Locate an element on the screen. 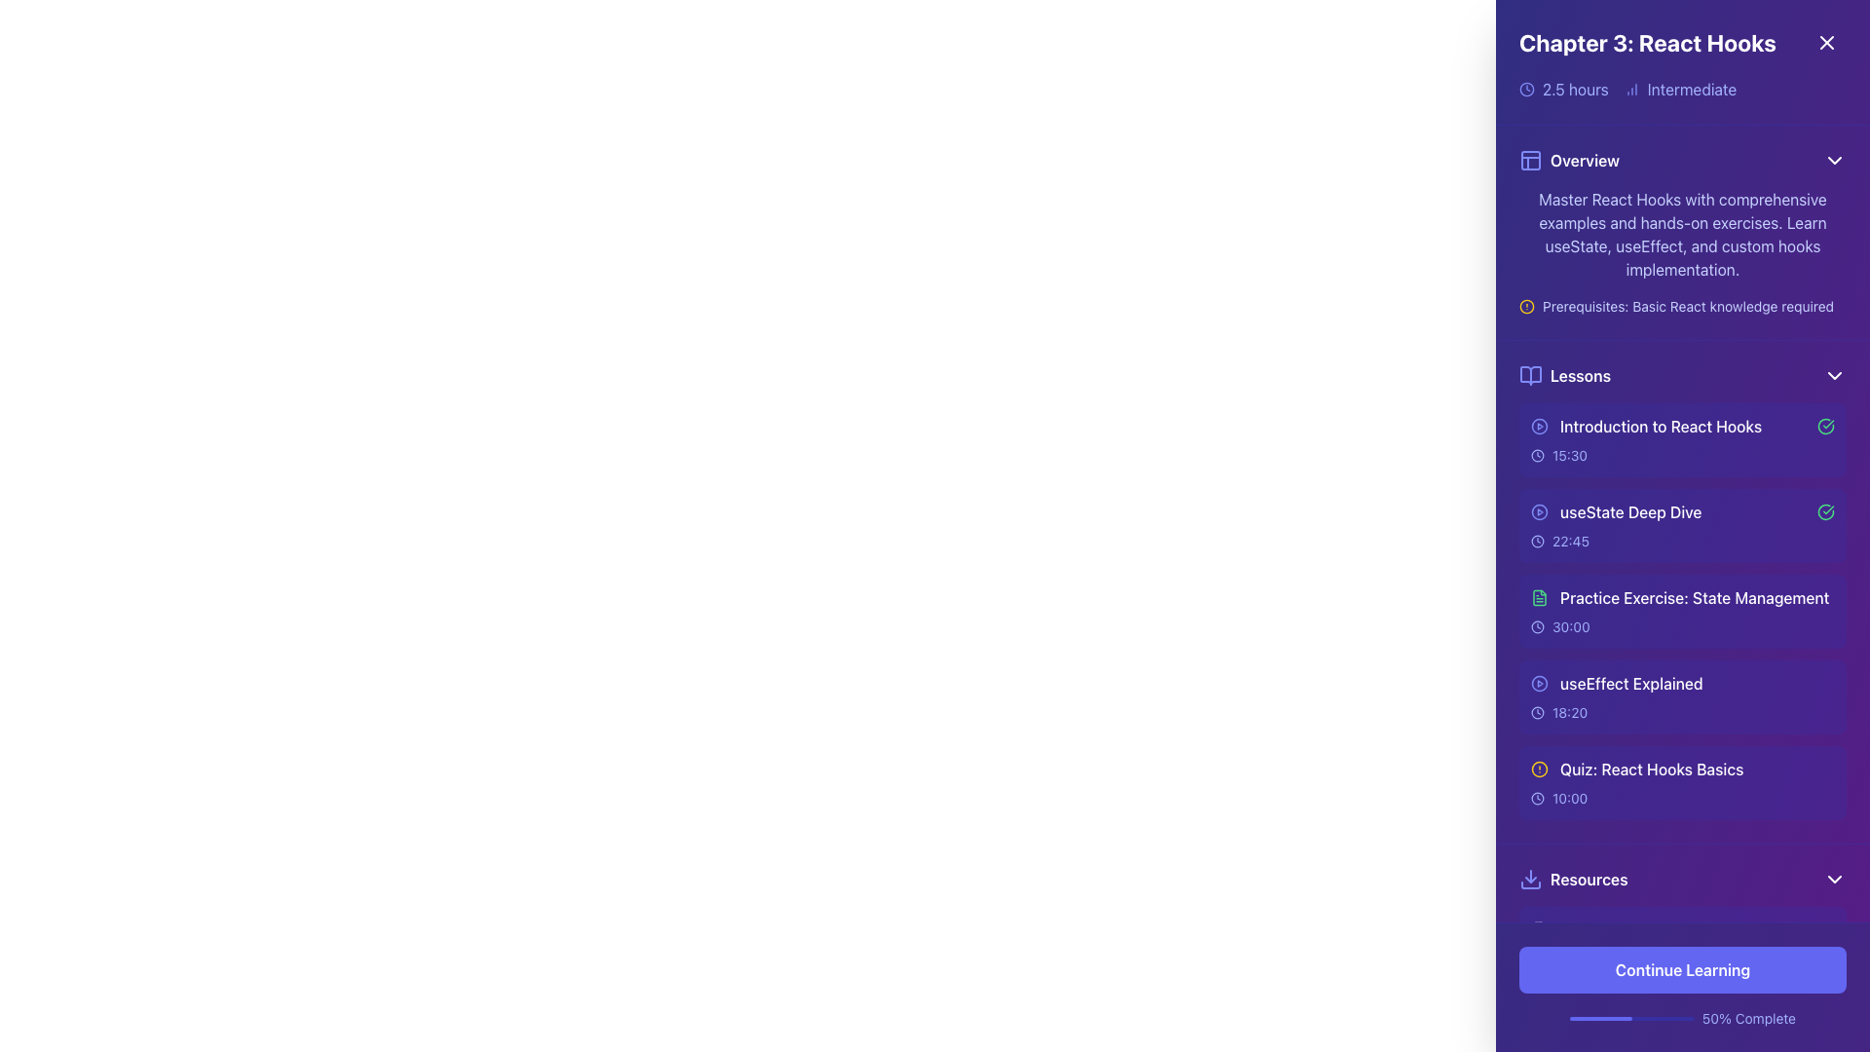  the circular indigo play button icon is located at coordinates (1538, 510).